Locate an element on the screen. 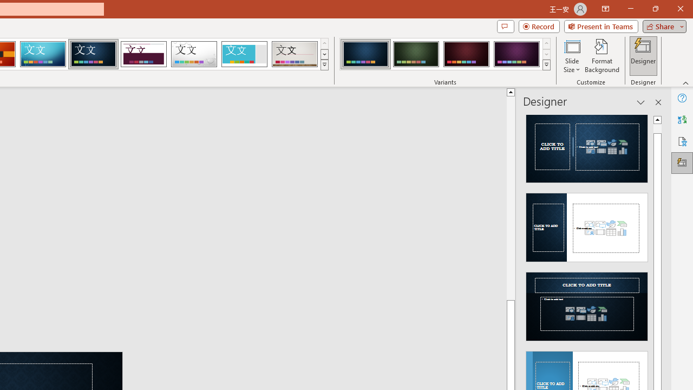 Image resolution: width=693 pixels, height=390 pixels. 'Damask' is located at coordinates (93, 54).